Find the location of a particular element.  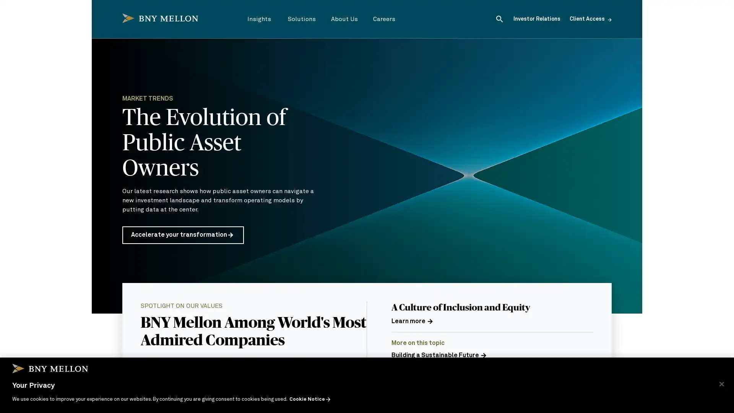

Close is located at coordinates (721, 384).